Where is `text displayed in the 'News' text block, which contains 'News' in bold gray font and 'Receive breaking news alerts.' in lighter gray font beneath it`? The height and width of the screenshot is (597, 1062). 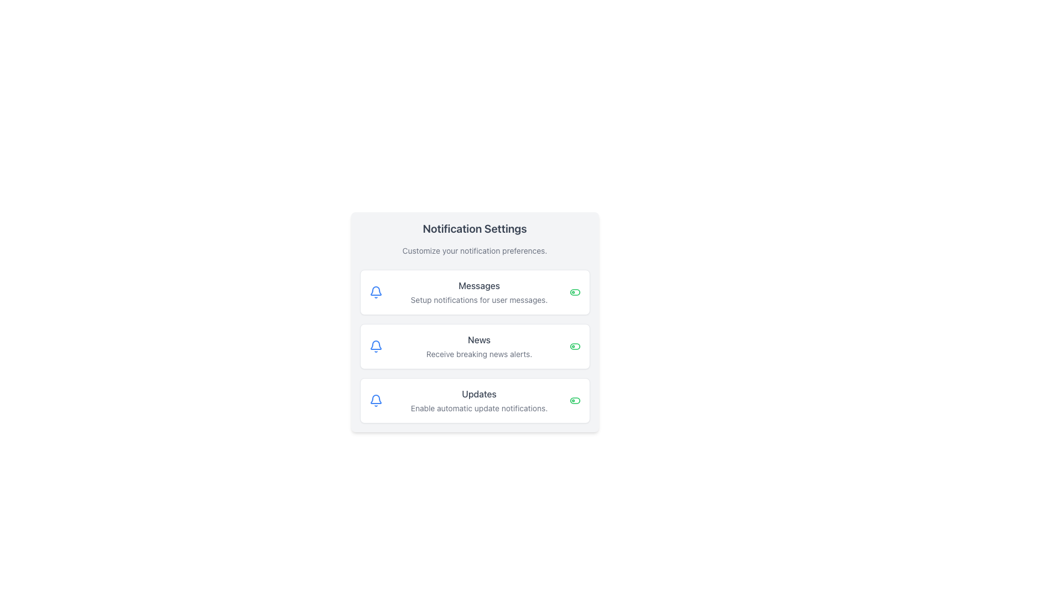 text displayed in the 'News' text block, which contains 'News' in bold gray font and 'Receive breaking news alerts.' in lighter gray font beneath it is located at coordinates (479, 346).